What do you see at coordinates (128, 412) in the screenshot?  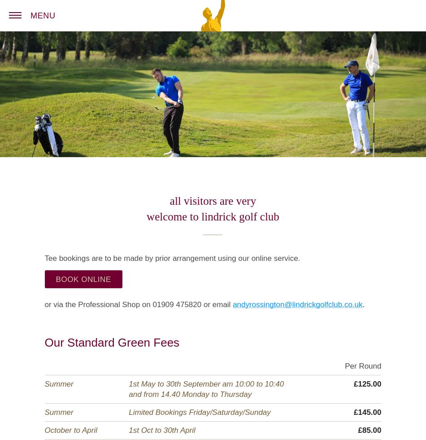 I see `'Limited Bookings Friday/Saturday/Sunday'` at bounding box center [128, 412].